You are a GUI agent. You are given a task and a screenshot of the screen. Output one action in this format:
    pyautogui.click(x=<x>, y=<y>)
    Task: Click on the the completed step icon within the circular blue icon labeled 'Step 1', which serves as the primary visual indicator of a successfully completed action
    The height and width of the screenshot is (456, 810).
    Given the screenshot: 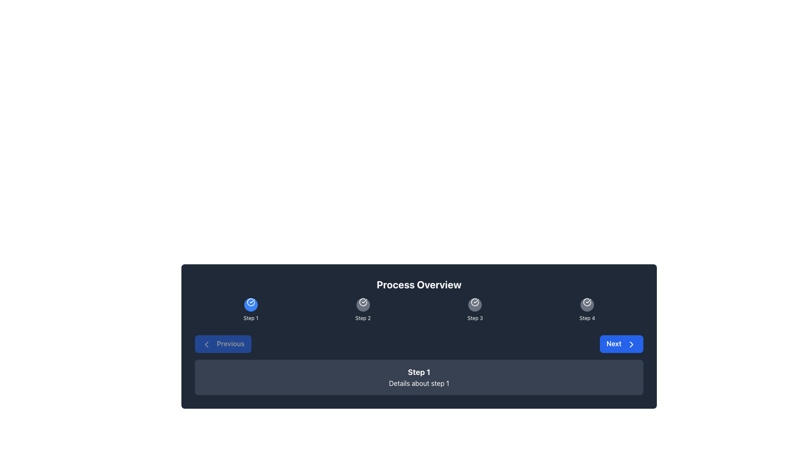 What is the action you would take?
    pyautogui.click(x=250, y=302)
    